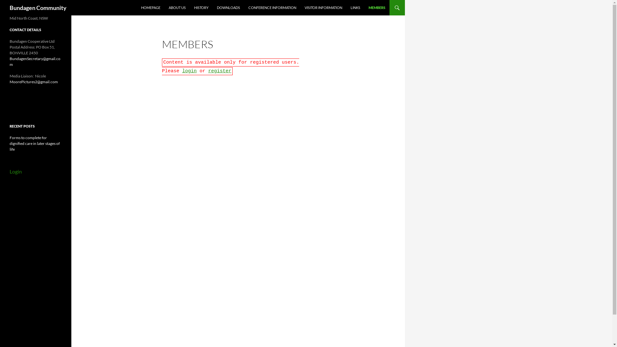 This screenshot has width=617, height=347. I want to click on 'HOMEPAGE', so click(137, 7).